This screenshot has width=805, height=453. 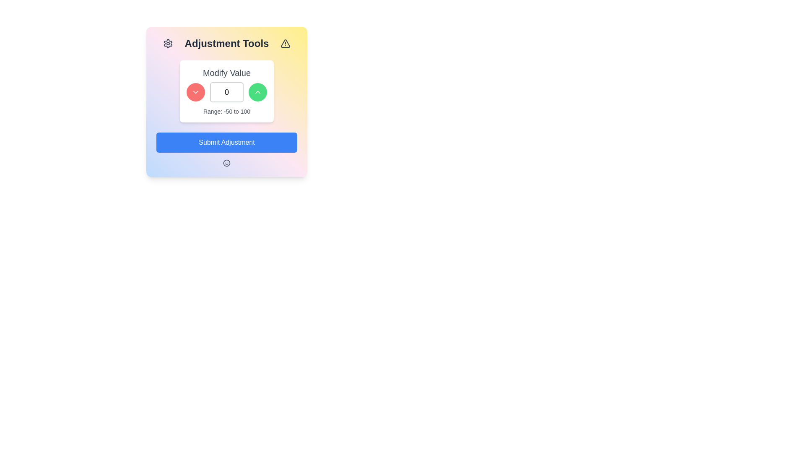 What do you see at coordinates (227, 44) in the screenshot?
I see `the text label reading 'Adjustment Tools', which is located at the top of the panel, centered between a gear icon and a warning triangle` at bounding box center [227, 44].